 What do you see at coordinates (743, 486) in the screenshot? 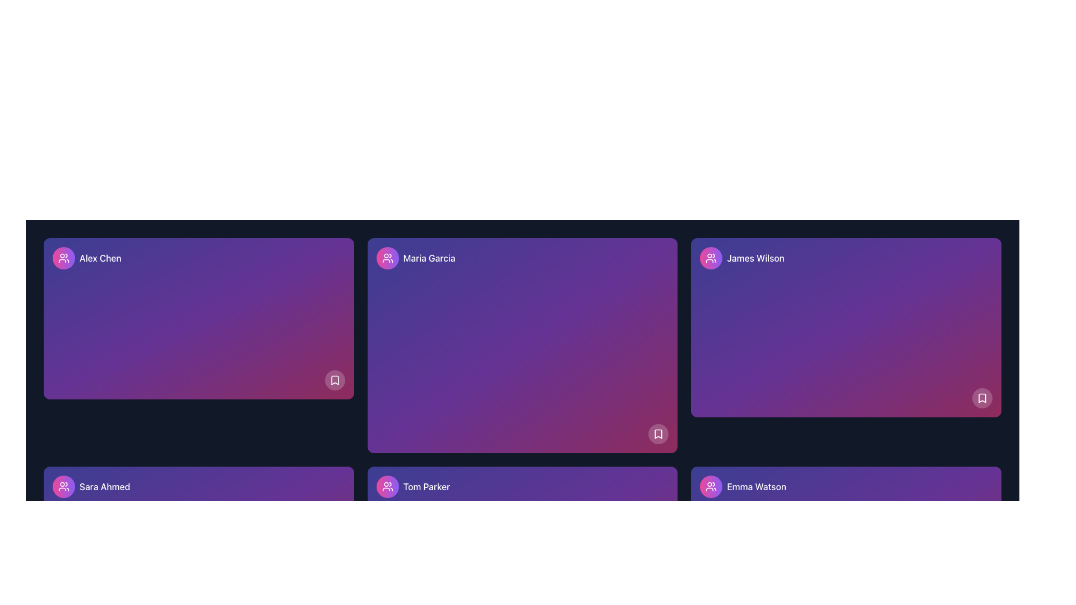
I see `the text label 'Emma Watson' adjacent to the circular icon` at bounding box center [743, 486].